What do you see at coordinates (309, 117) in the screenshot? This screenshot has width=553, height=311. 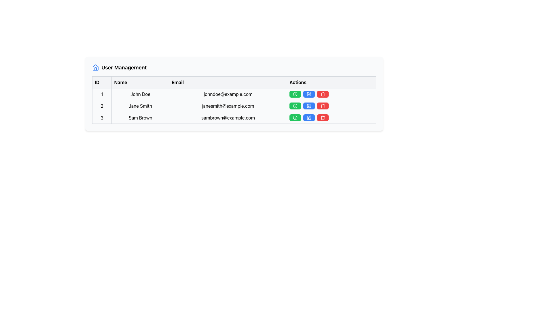 I see `the edit button in the 'Actions' column of the table for the third row associated with 'Sam Brown'` at bounding box center [309, 117].